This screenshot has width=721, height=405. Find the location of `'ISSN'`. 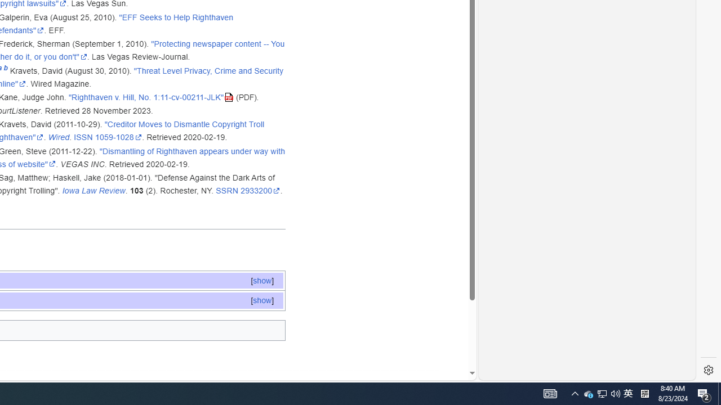

'ISSN' is located at coordinates (82, 137).